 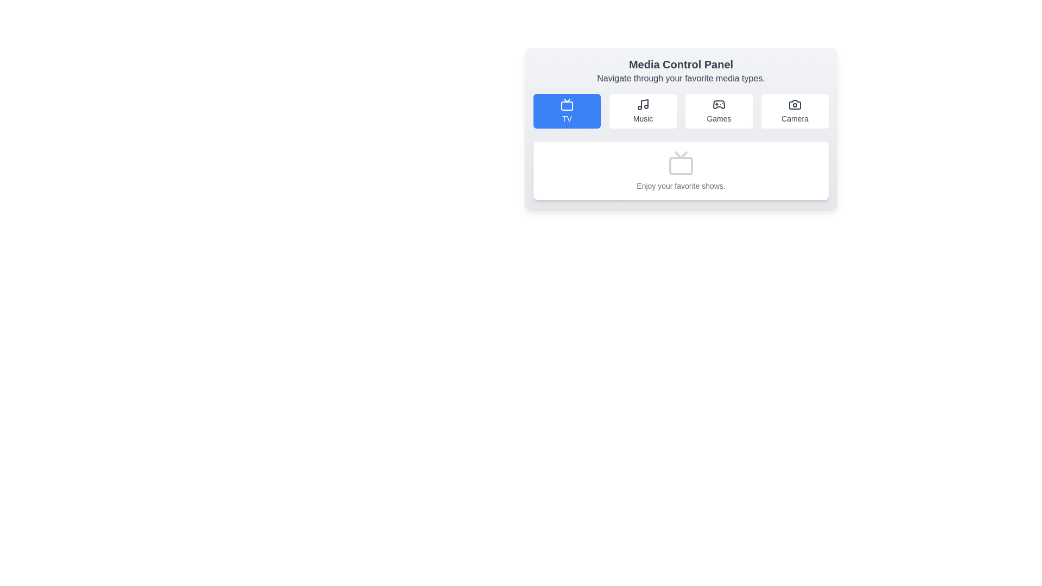 I want to click on the static text element located in the header section, which provides guidance about the media options below the 'Media Control Panel' headline, so click(x=680, y=78).